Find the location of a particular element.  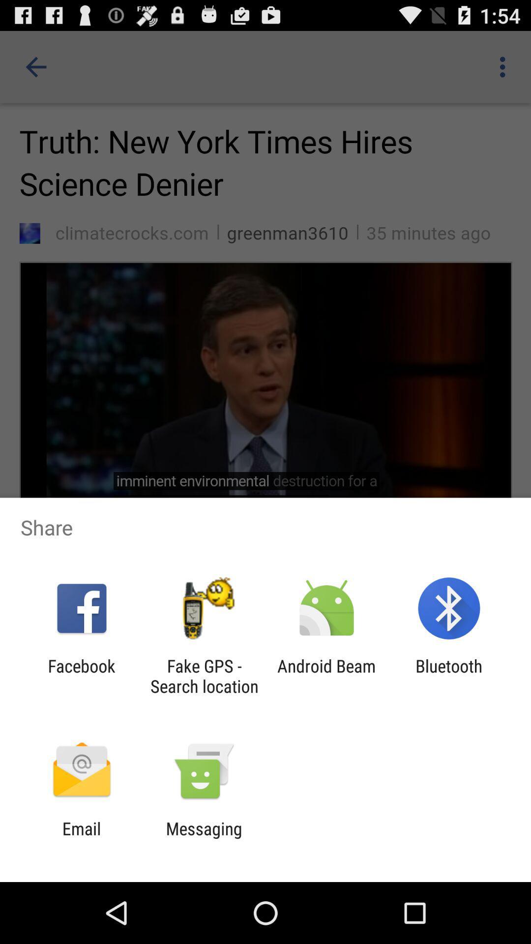

item next to bluetooth app is located at coordinates (326, 676).